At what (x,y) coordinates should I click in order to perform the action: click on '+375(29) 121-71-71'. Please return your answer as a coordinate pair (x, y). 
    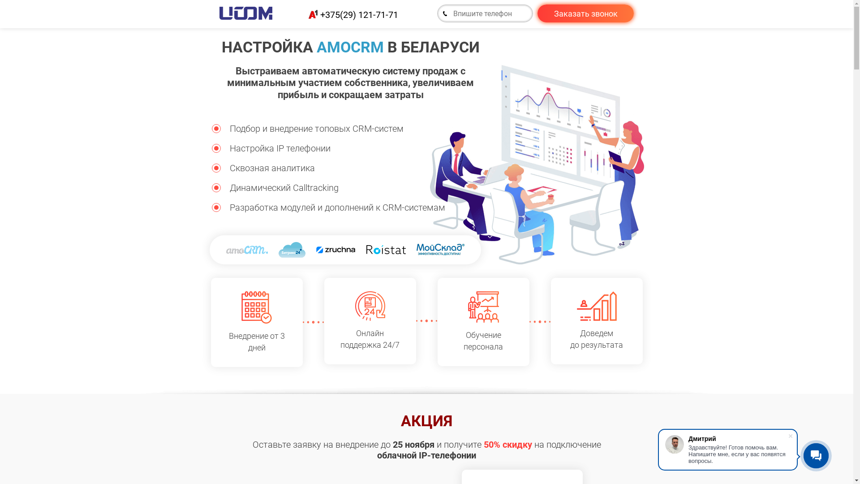
    Looking at the image, I should click on (359, 14).